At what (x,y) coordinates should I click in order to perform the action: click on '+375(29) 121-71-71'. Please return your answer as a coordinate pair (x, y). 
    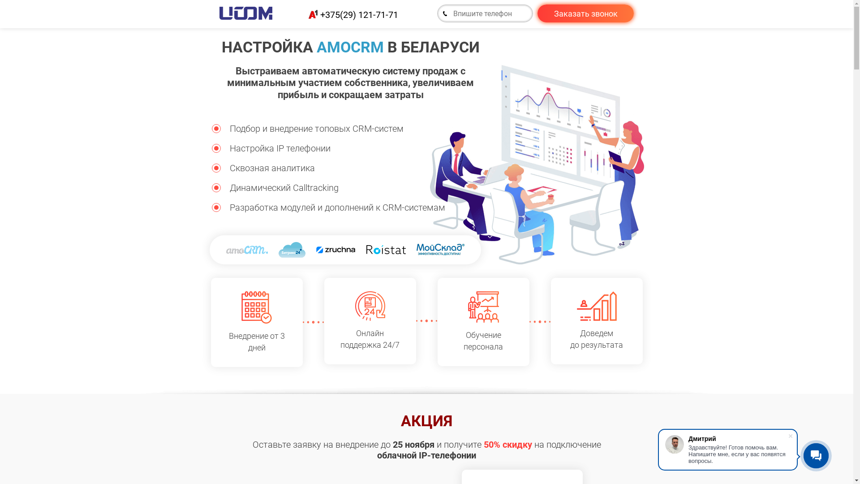
    Looking at the image, I should click on (359, 14).